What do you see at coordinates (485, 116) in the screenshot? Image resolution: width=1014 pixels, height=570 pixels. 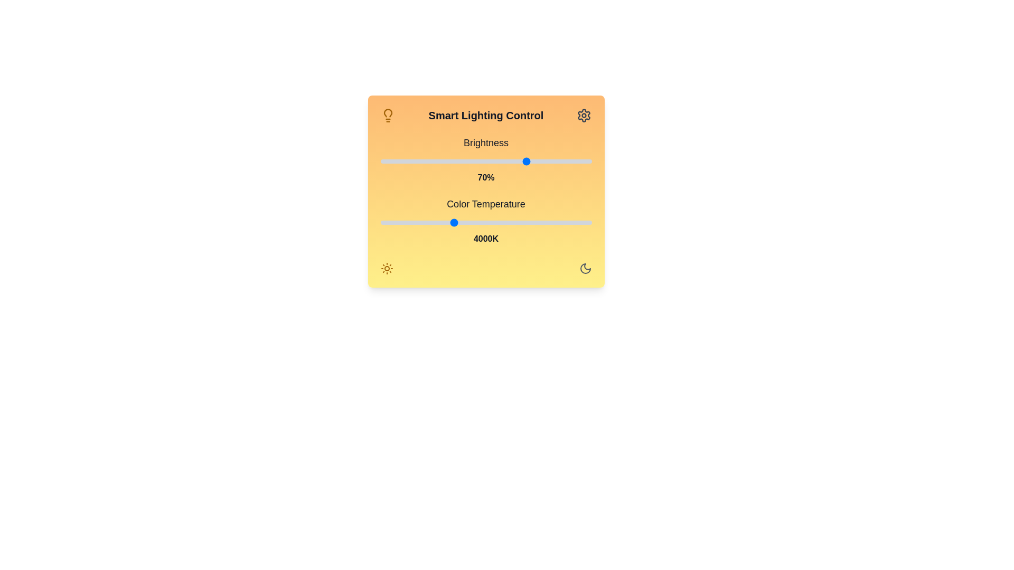 I see `the title 'Smart Lighting Control' to focus on it` at bounding box center [485, 116].